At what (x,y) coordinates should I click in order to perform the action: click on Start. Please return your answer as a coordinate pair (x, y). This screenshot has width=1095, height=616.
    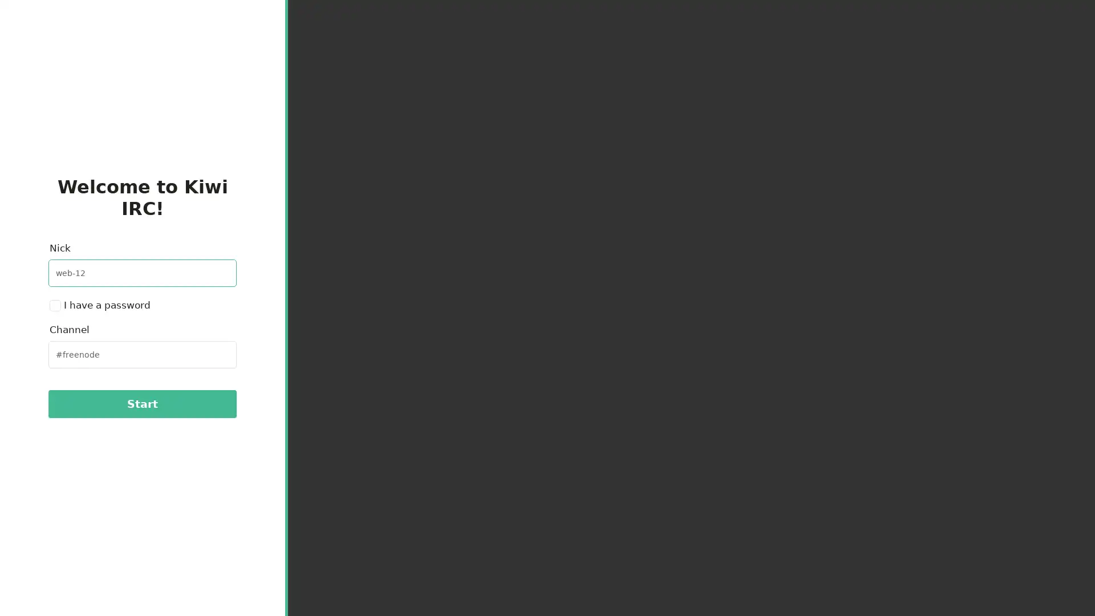
    Looking at the image, I should click on (141, 403).